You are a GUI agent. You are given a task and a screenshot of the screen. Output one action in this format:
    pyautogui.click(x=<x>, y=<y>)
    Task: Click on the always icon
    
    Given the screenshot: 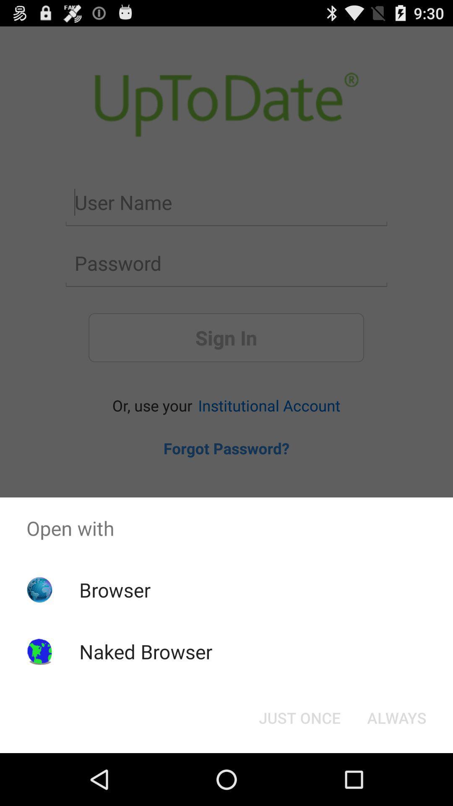 What is the action you would take?
    pyautogui.click(x=396, y=717)
    